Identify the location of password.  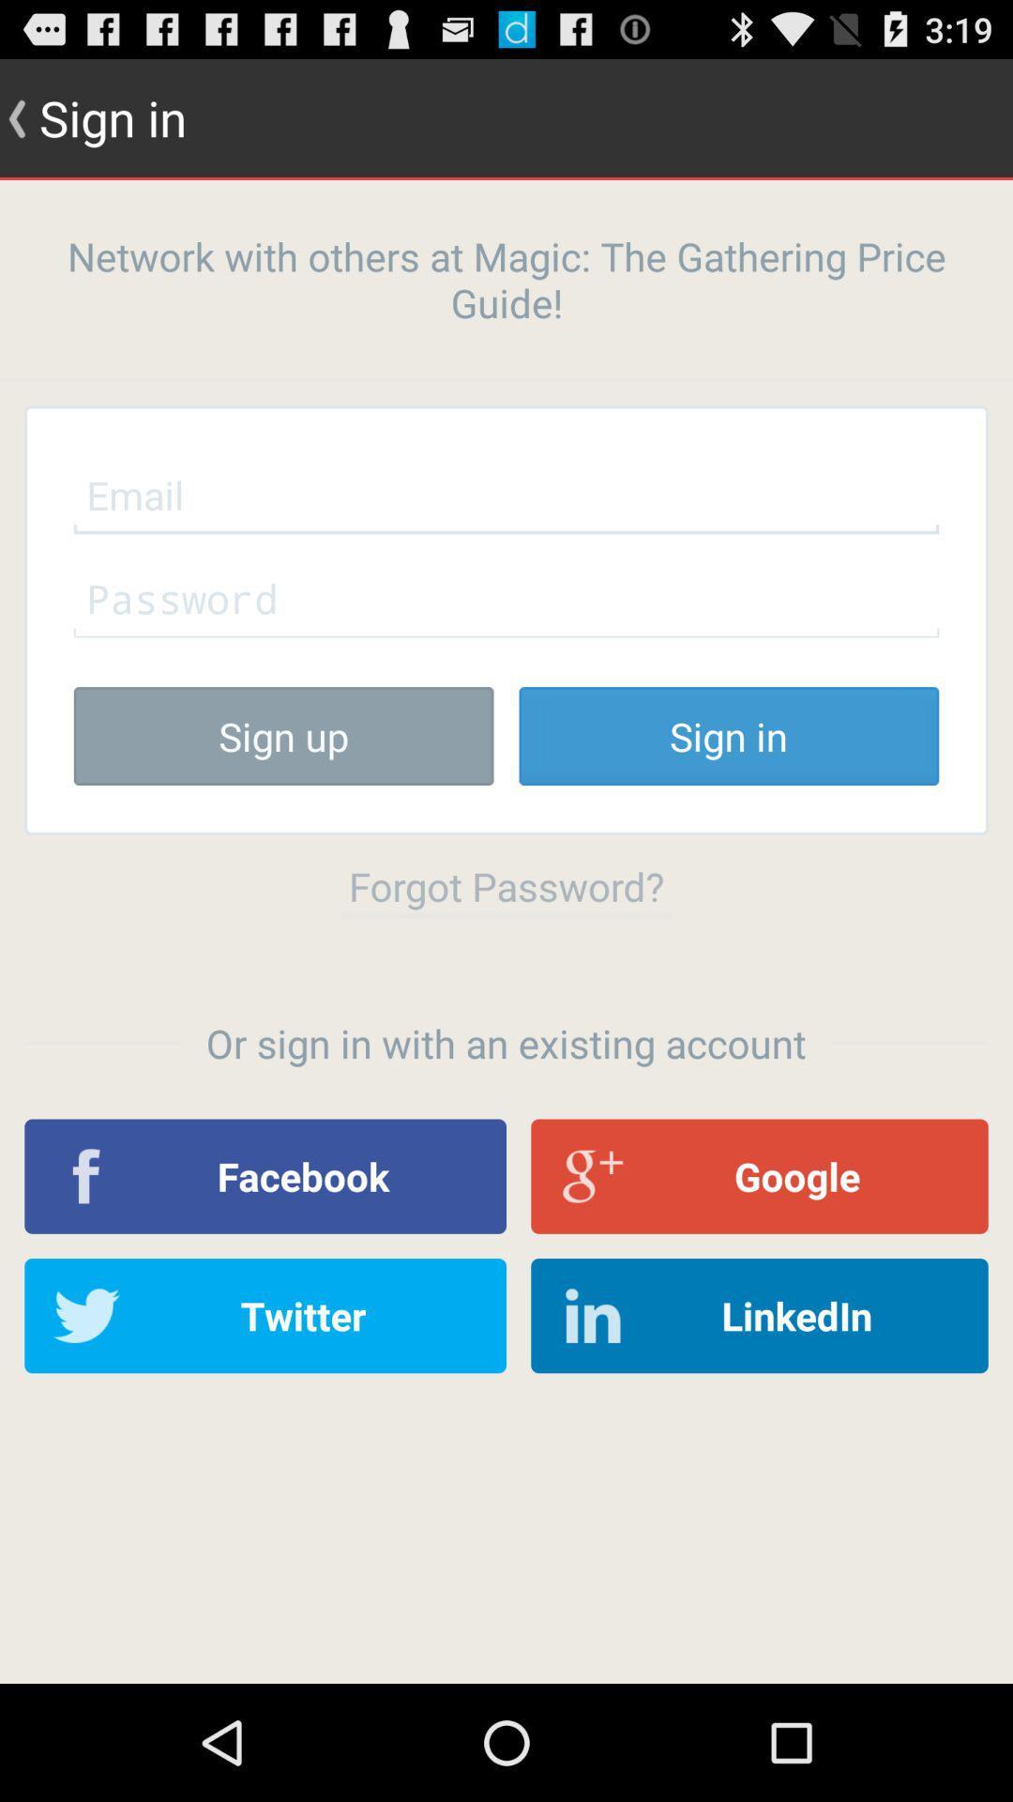
(506, 597).